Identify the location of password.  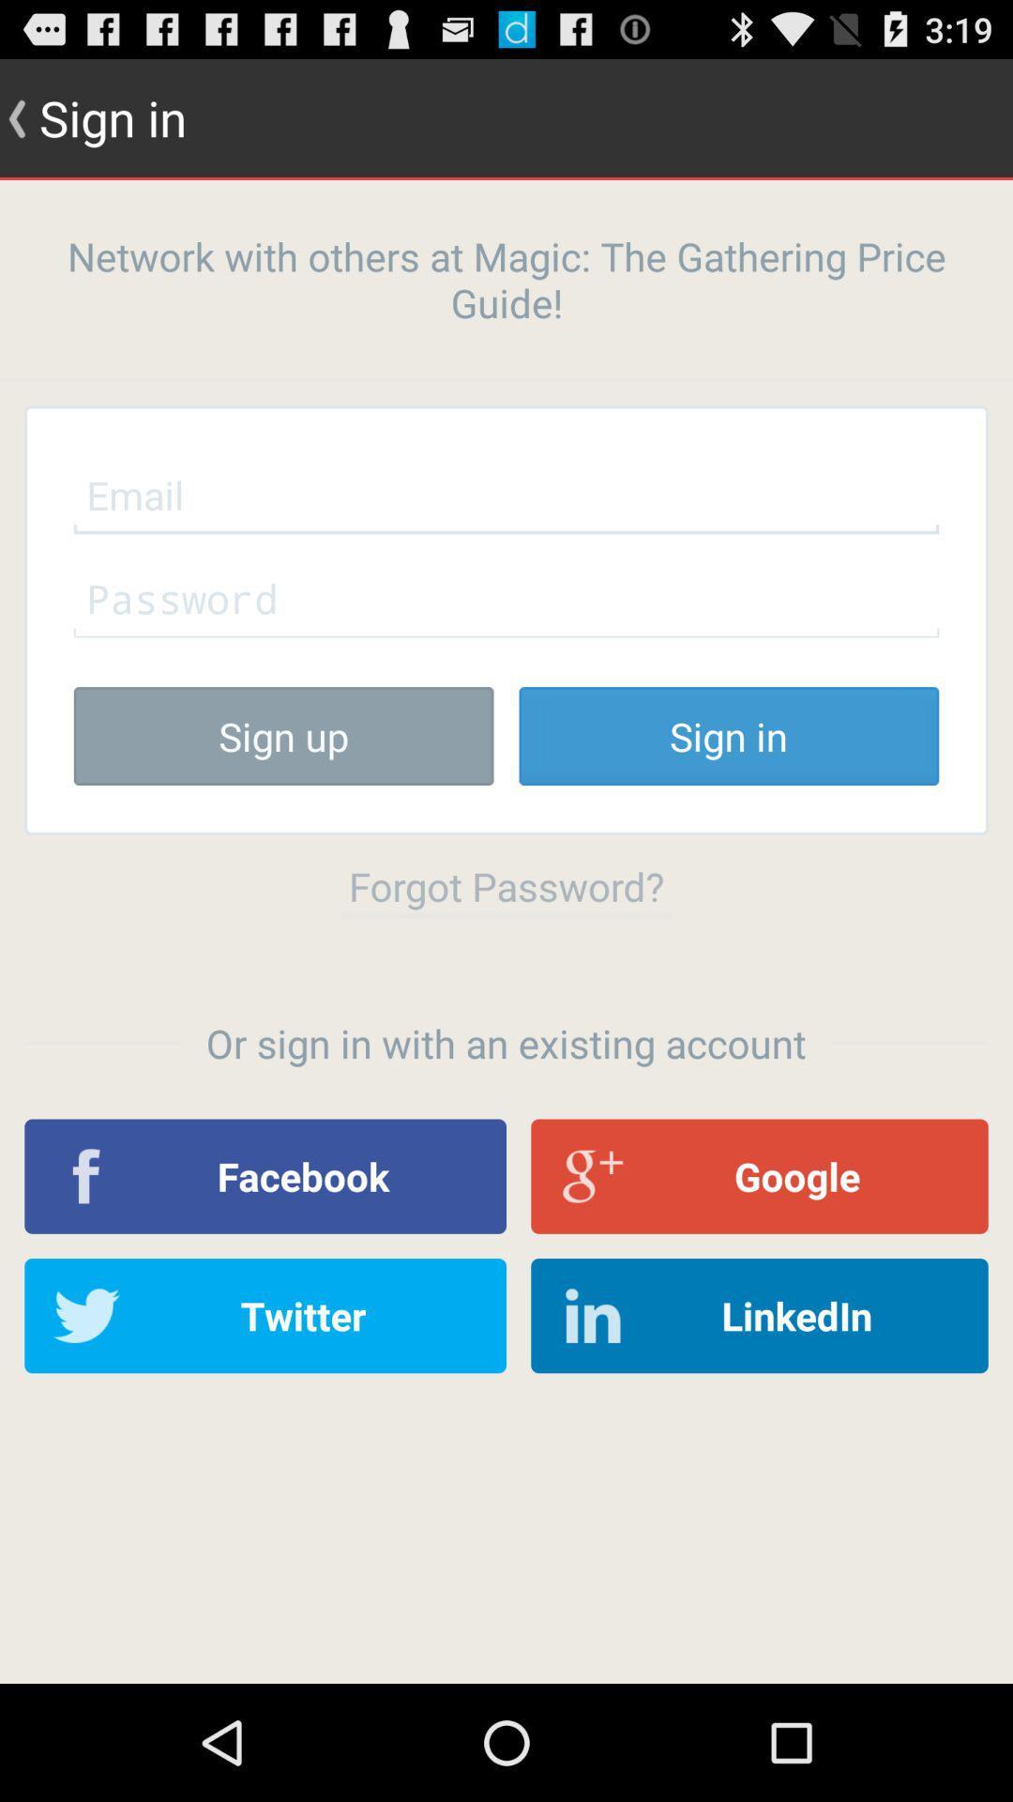
(506, 597).